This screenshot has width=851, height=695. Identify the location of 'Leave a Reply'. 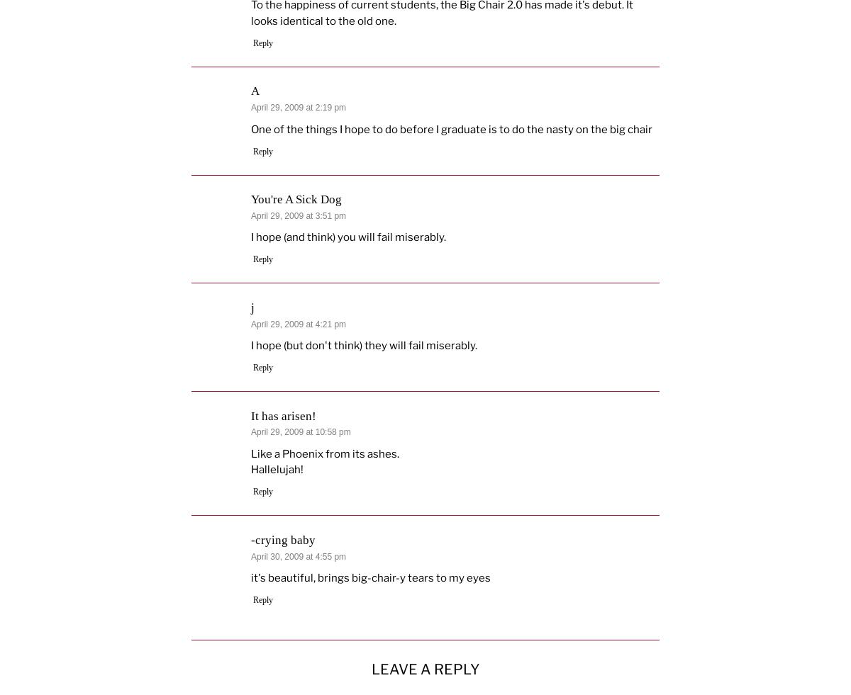
(424, 669).